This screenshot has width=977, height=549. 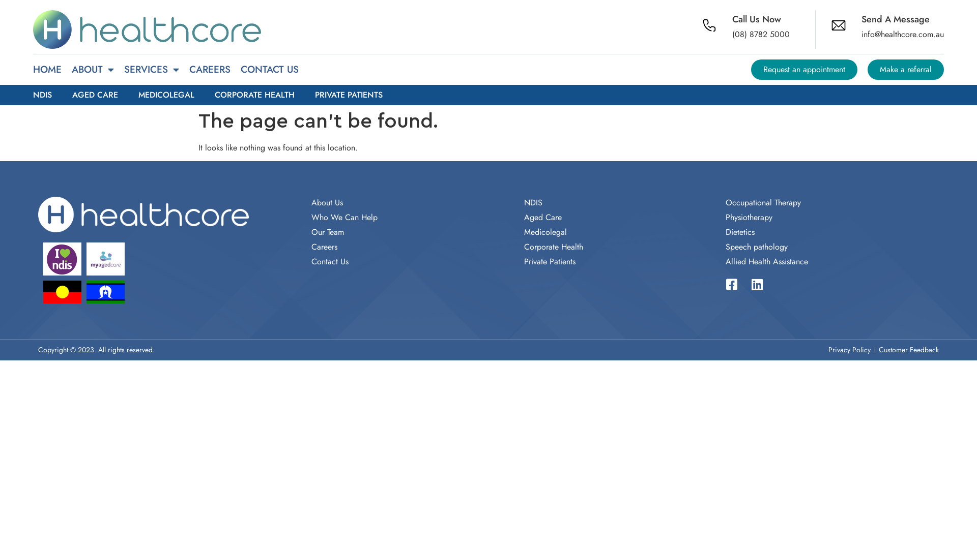 What do you see at coordinates (209, 69) in the screenshot?
I see `'CAREERS'` at bounding box center [209, 69].